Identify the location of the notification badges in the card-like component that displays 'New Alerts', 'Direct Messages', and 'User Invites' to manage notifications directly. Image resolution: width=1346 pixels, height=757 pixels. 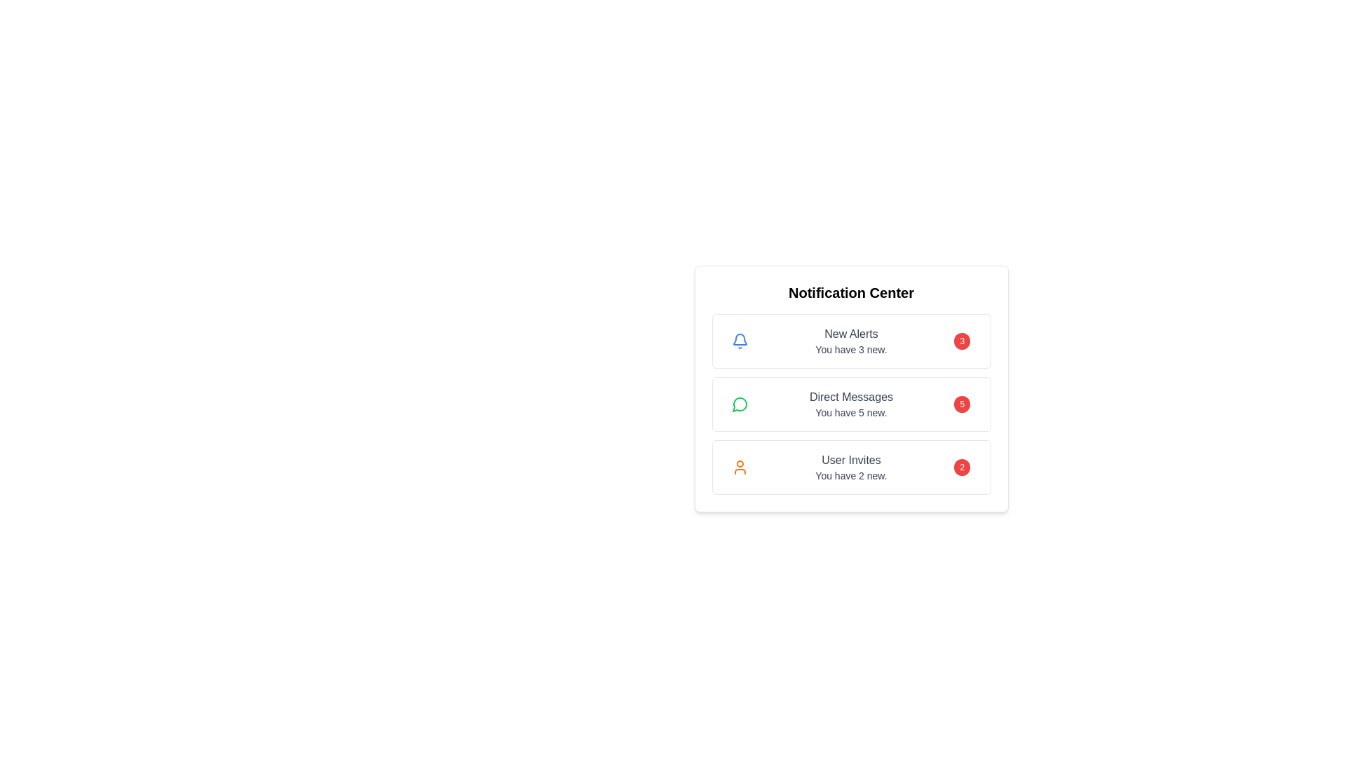
(850, 389).